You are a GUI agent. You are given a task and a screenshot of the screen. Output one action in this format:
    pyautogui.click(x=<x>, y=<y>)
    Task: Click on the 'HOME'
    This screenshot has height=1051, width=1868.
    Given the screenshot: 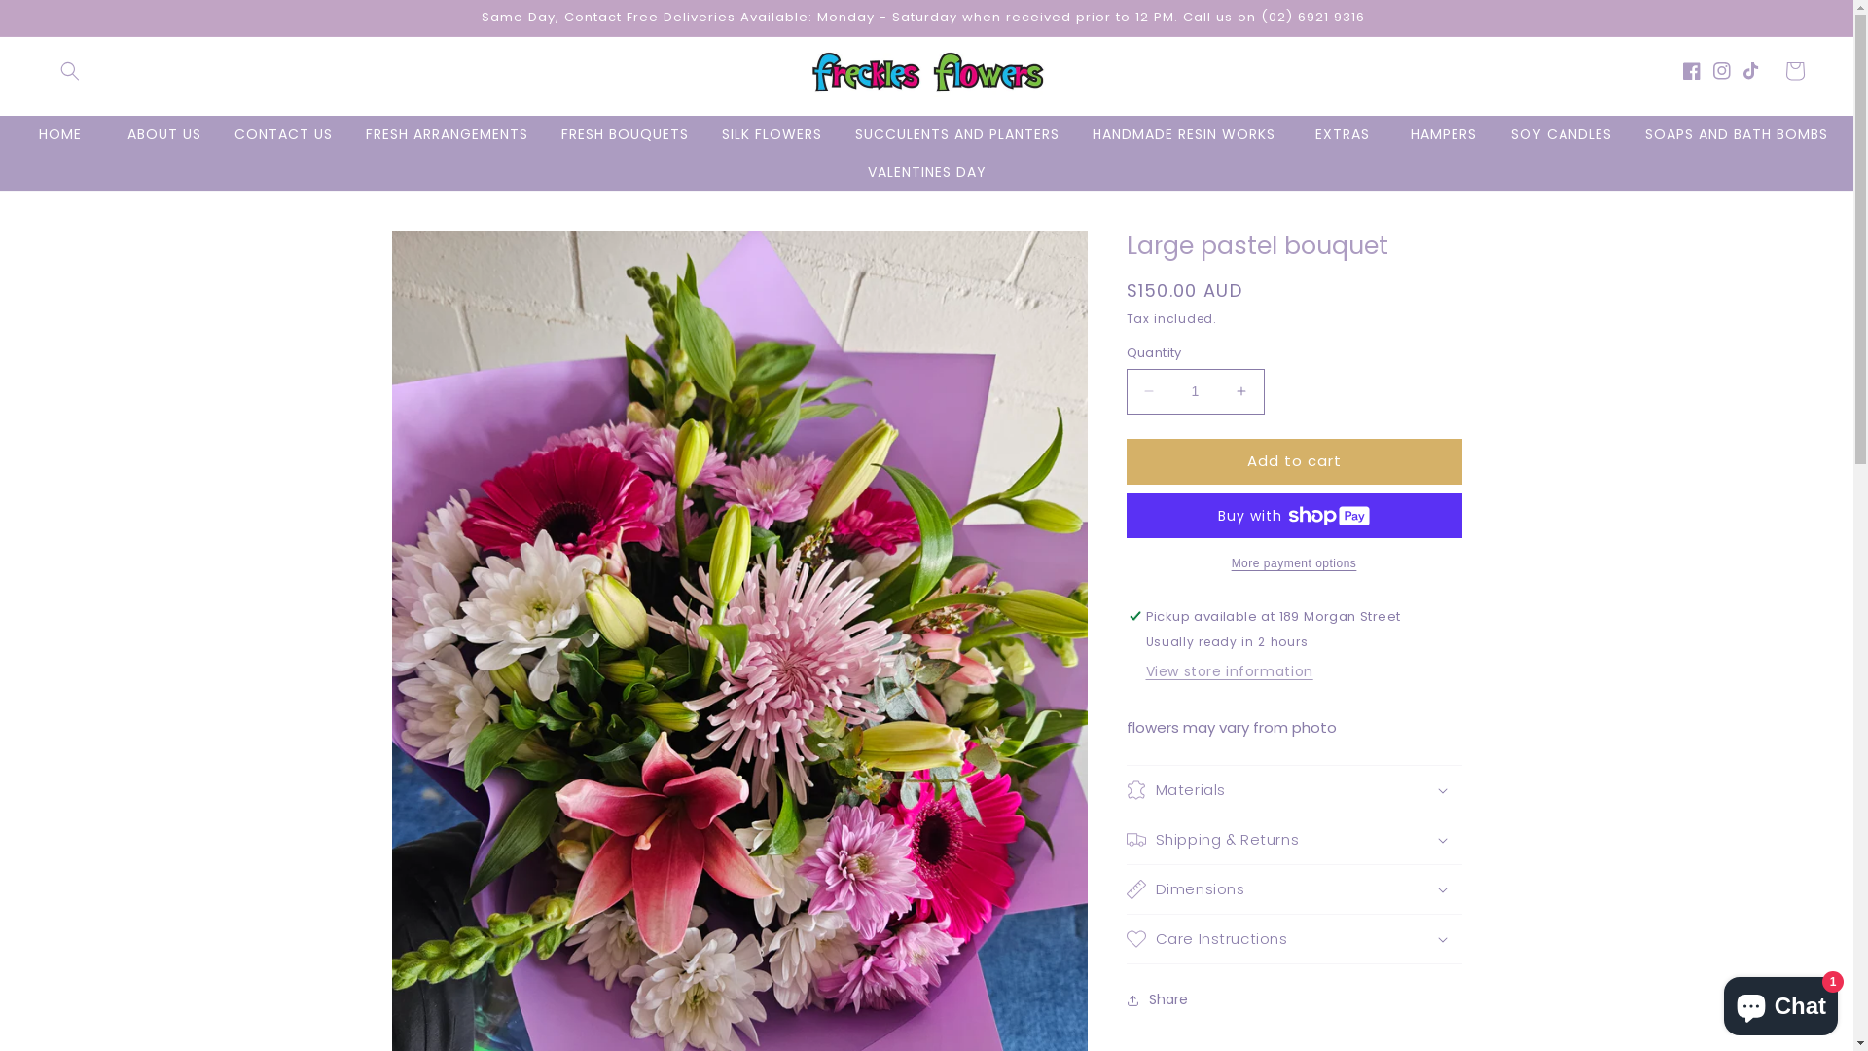 What is the action you would take?
    pyautogui.click(x=60, y=133)
    